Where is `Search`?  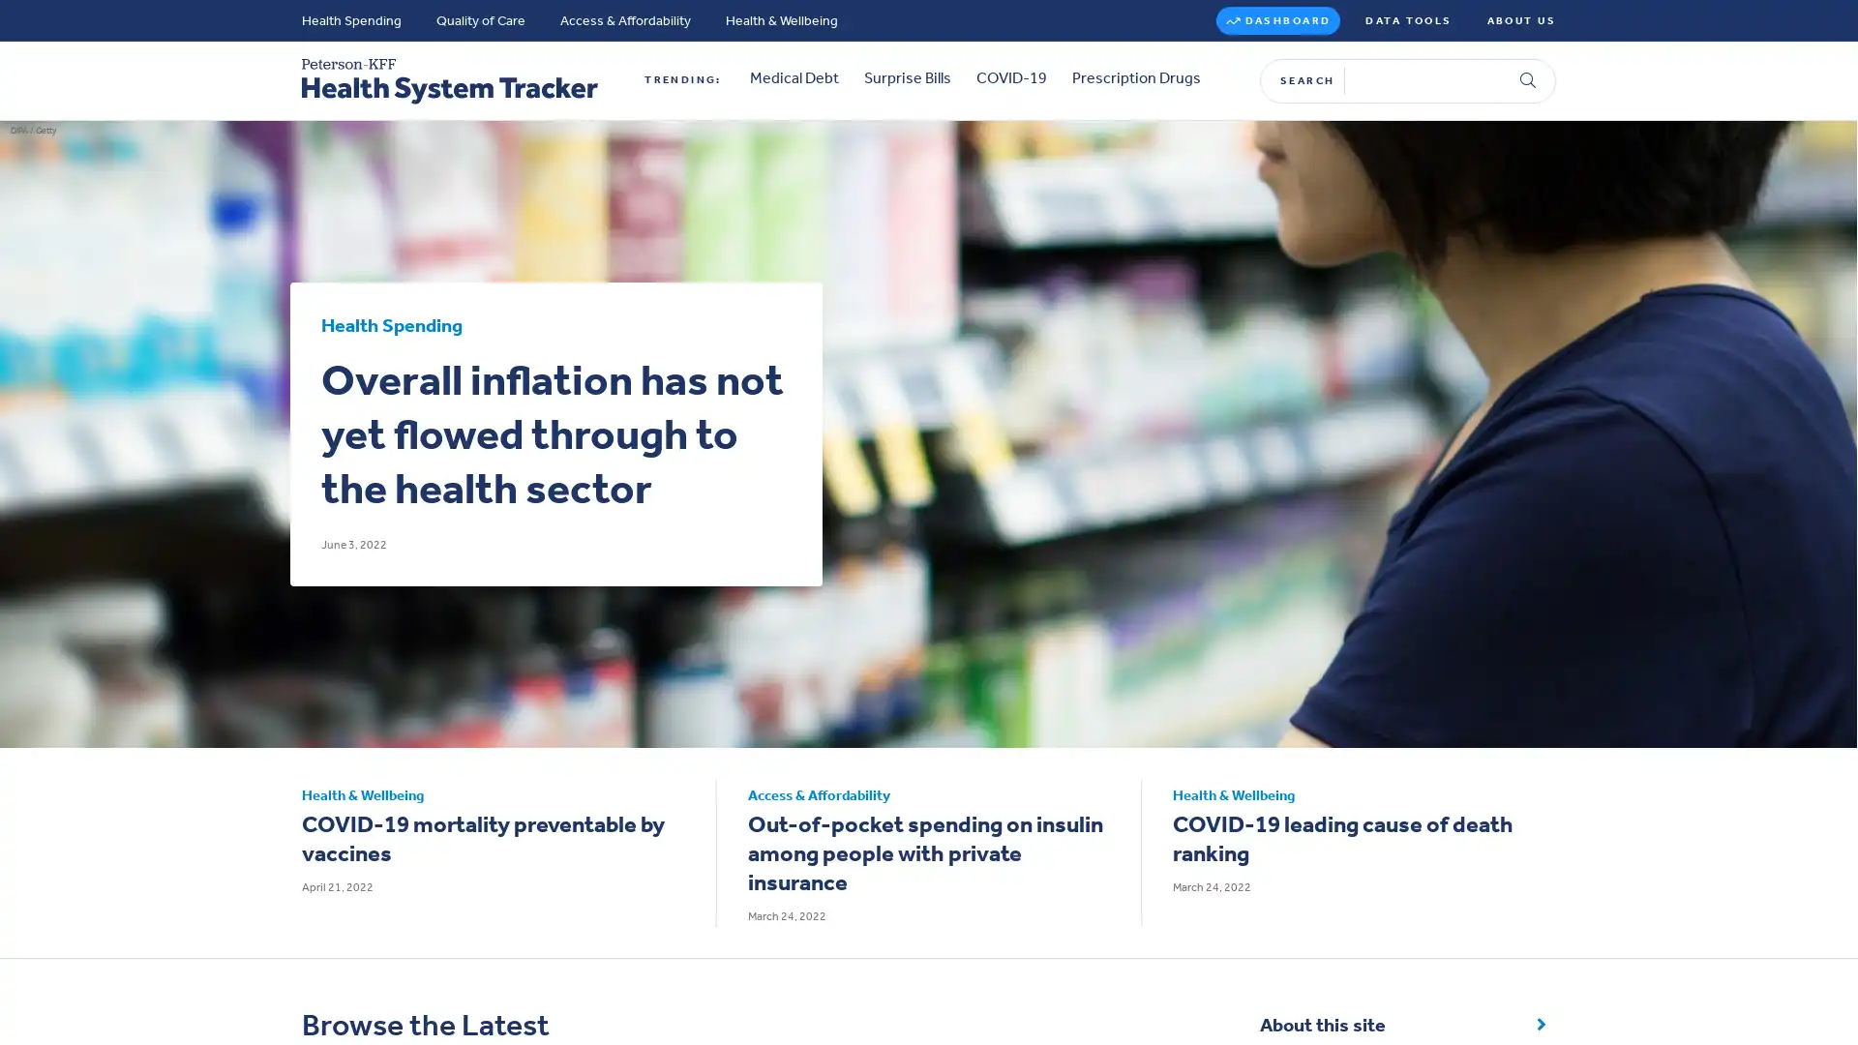
Search is located at coordinates (1527, 70).